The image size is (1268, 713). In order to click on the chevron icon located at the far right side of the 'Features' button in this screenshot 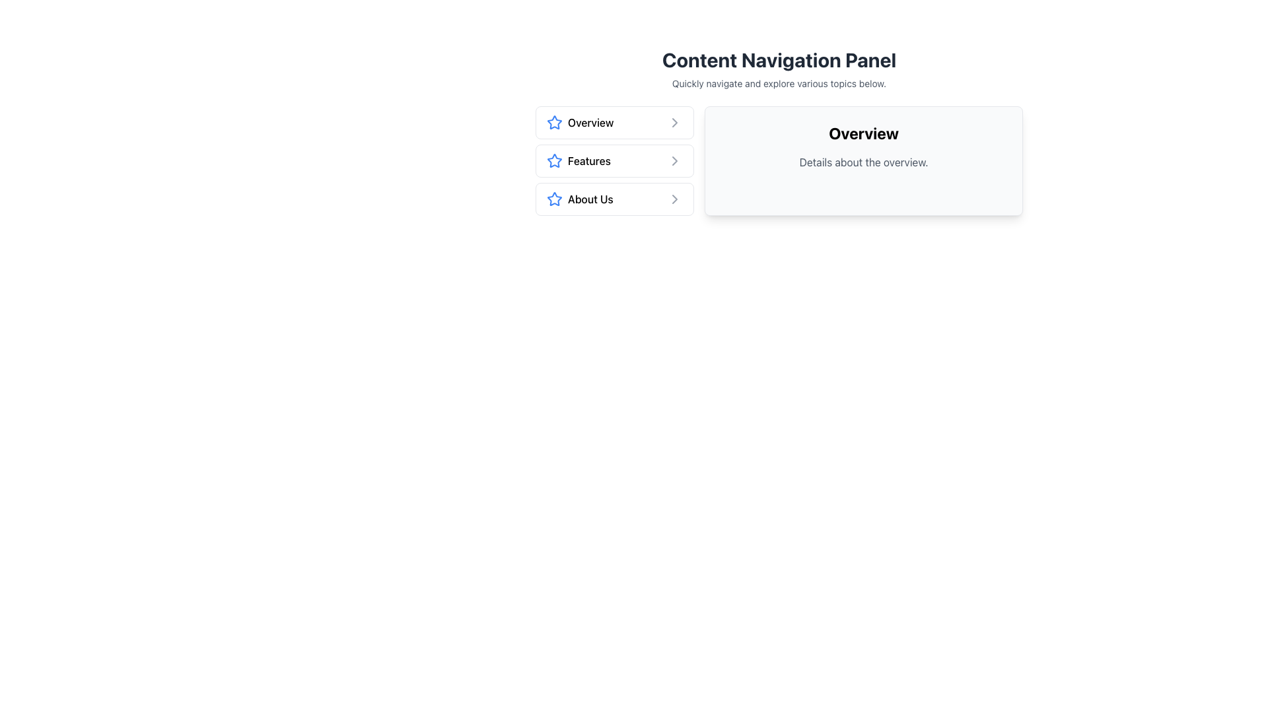, I will do `click(675, 160)`.